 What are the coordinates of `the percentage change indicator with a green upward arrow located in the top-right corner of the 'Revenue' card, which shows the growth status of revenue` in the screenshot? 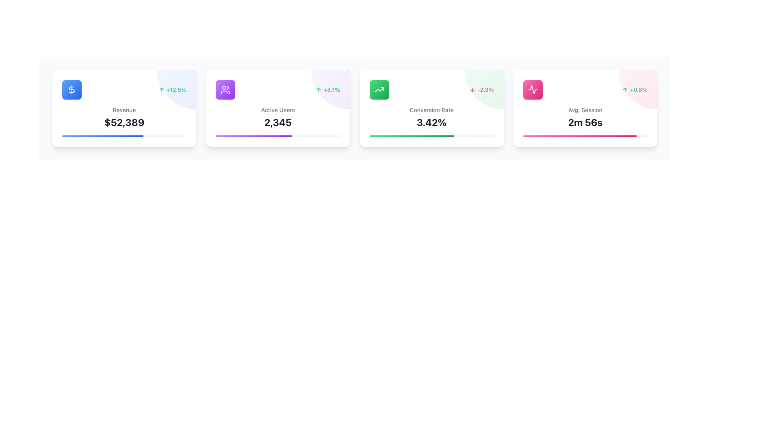 It's located at (172, 89).